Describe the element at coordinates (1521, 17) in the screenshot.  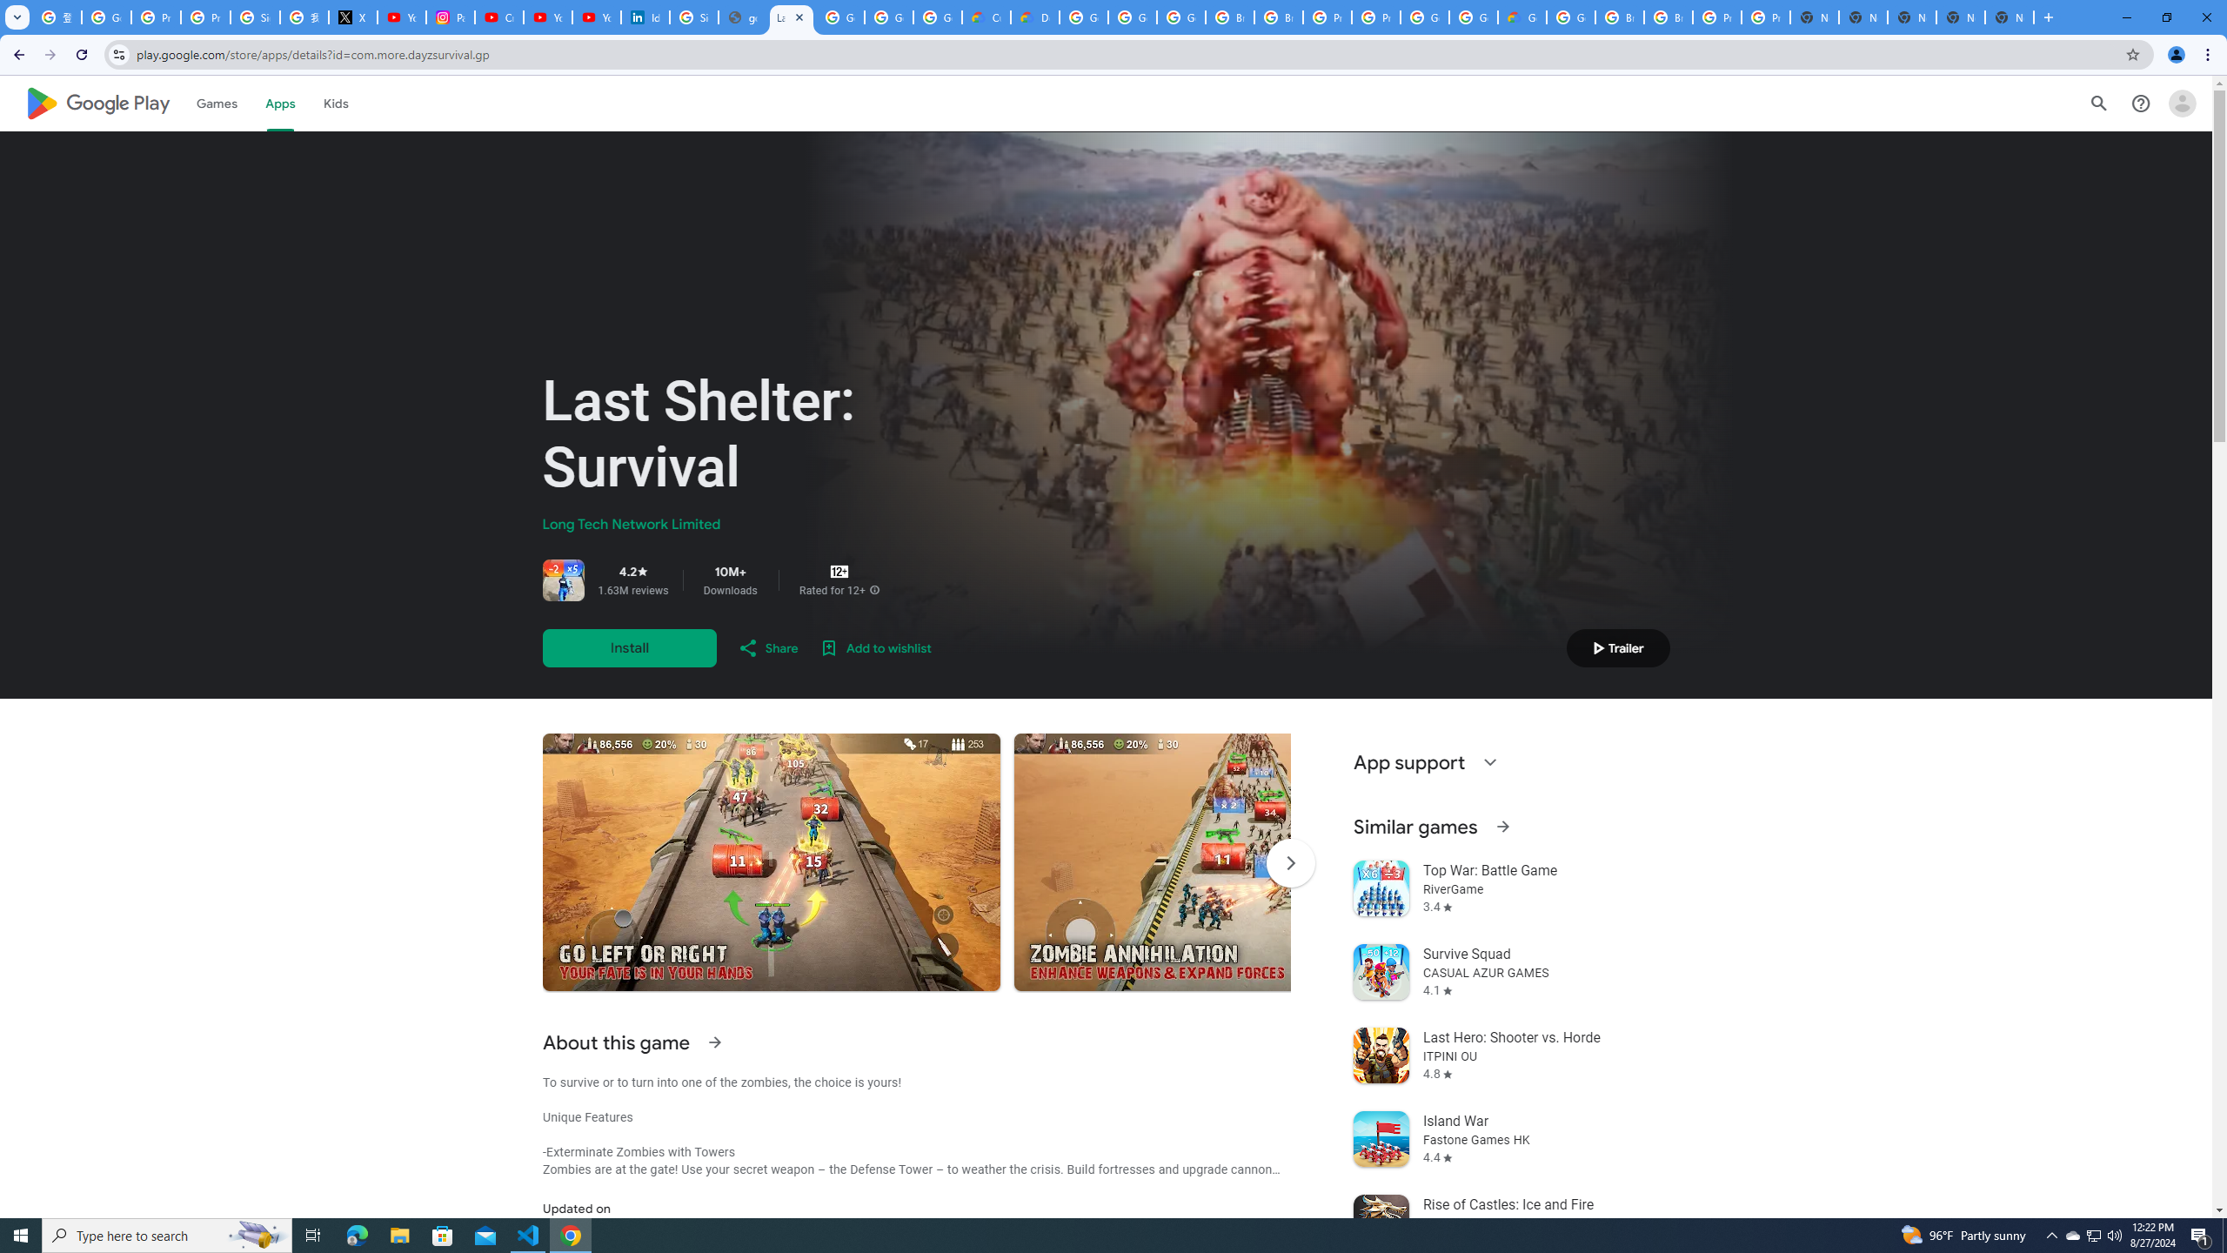
I see `'Google Cloud Estimate Summary'` at that location.